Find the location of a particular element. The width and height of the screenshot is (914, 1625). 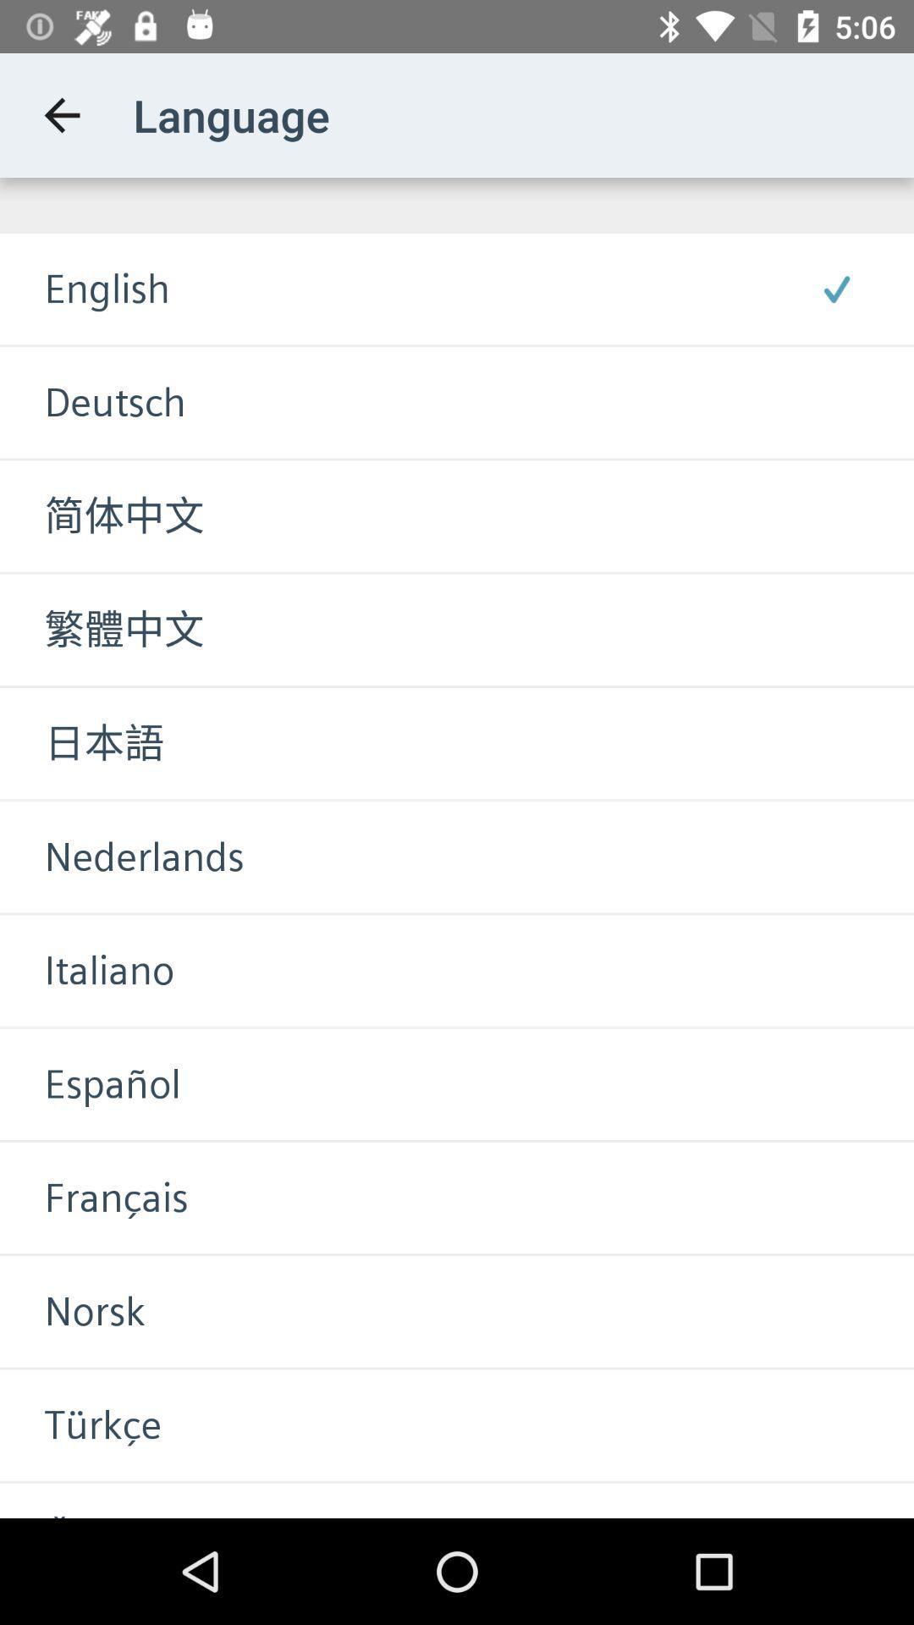

the english item is located at coordinates (85, 289).